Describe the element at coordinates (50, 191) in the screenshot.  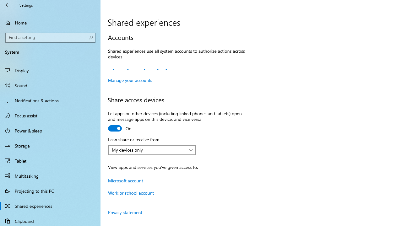
I see `'Projecting to this PC'` at that location.